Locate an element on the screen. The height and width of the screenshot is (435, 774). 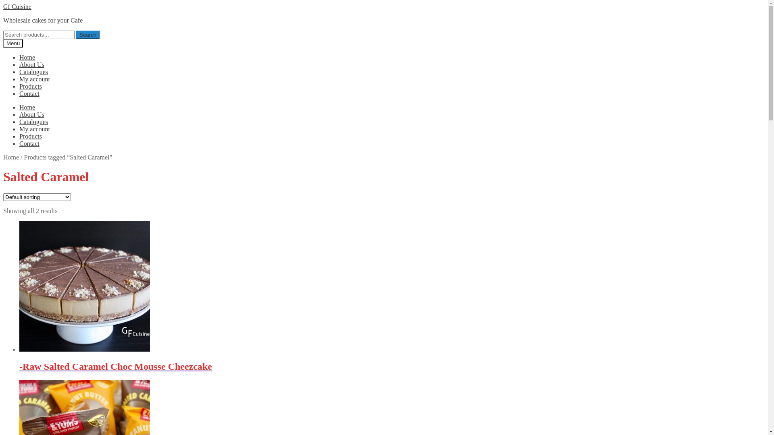
'Products' is located at coordinates (31, 86).